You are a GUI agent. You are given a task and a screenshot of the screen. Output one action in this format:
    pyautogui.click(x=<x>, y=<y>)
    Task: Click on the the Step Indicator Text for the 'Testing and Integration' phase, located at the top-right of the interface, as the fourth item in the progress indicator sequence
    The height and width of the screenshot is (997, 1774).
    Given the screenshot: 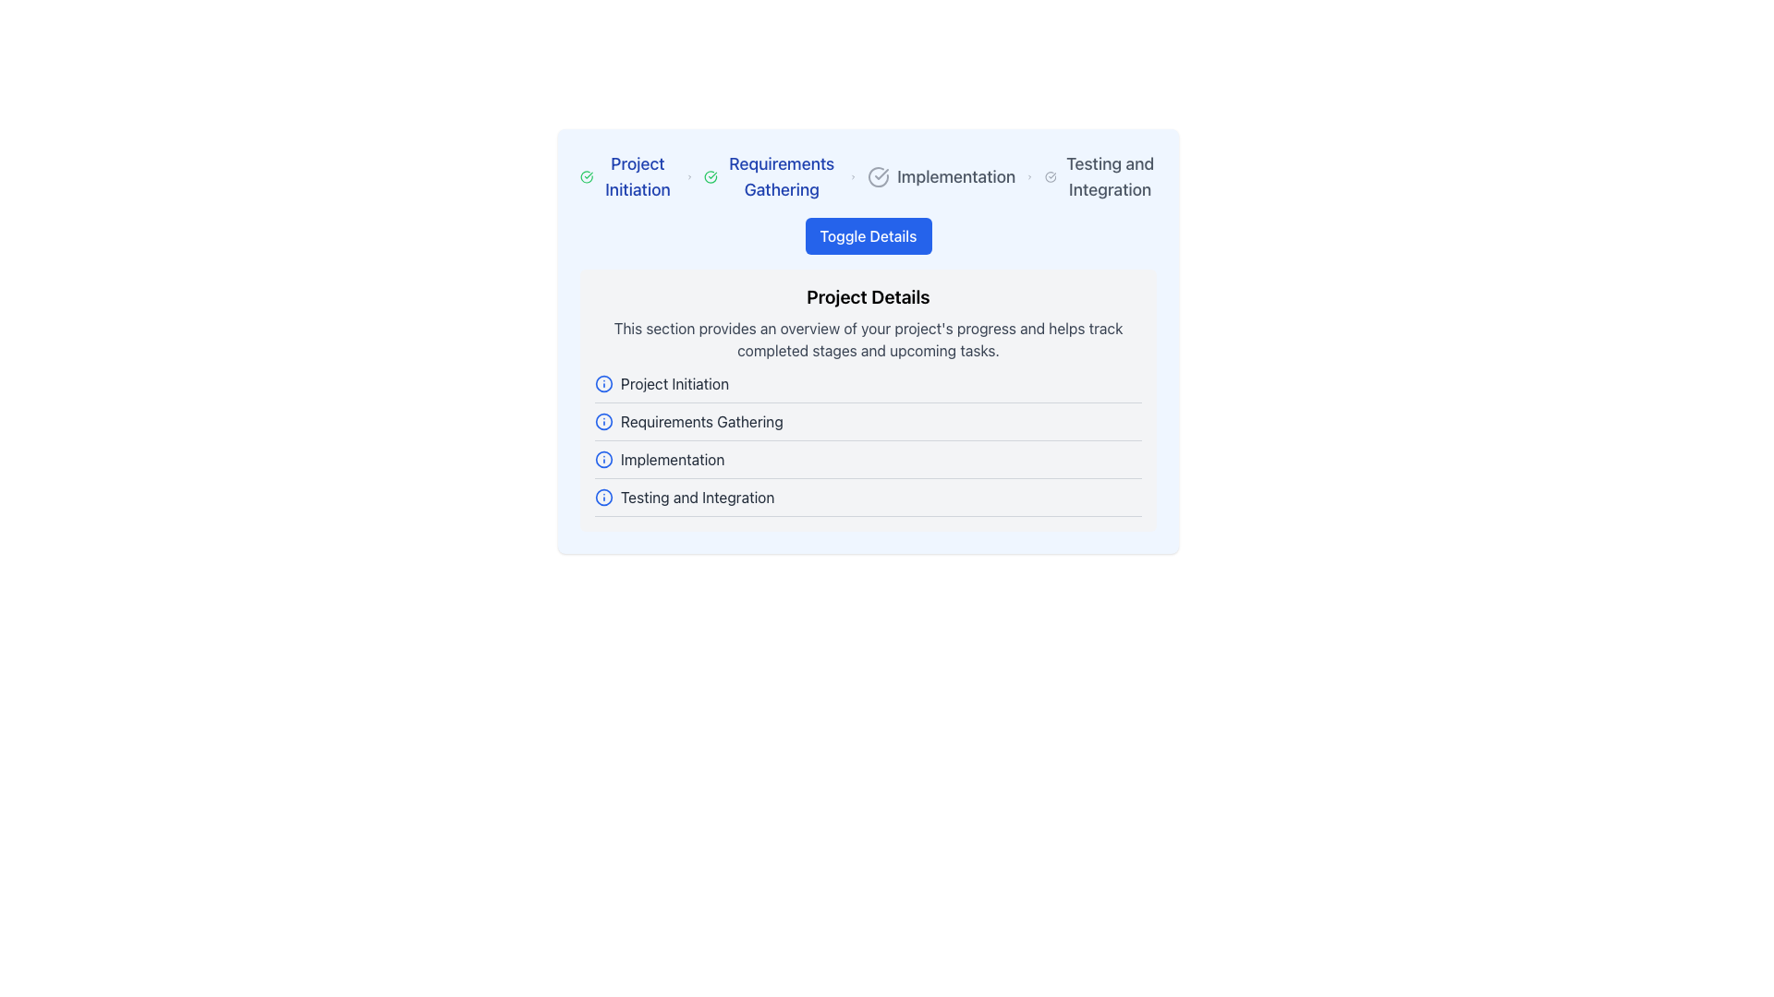 What is the action you would take?
    pyautogui.click(x=1100, y=177)
    